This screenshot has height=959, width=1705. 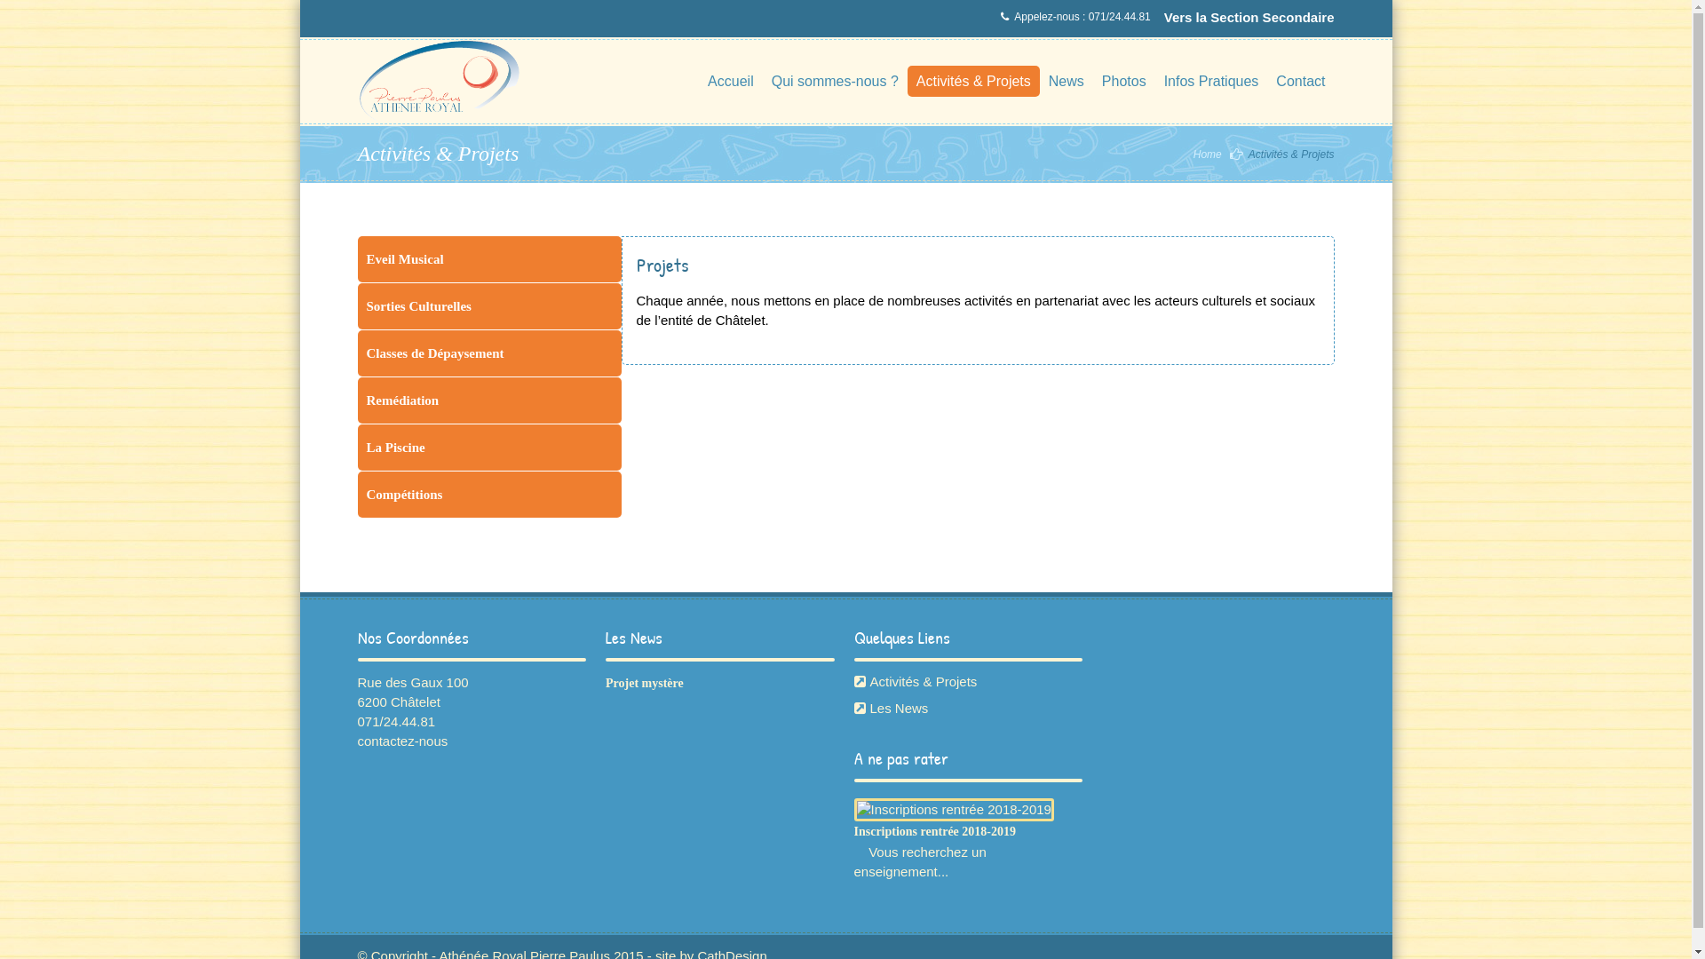 I want to click on 'Contact', so click(x=1300, y=81).